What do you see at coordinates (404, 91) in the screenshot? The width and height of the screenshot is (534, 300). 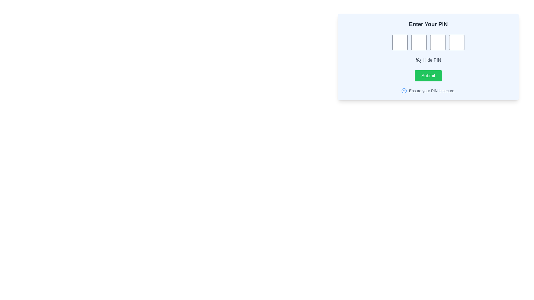 I see `the Decorative Icon located to the left of the text 'Ensure your PIN is secure.'` at bounding box center [404, 91].